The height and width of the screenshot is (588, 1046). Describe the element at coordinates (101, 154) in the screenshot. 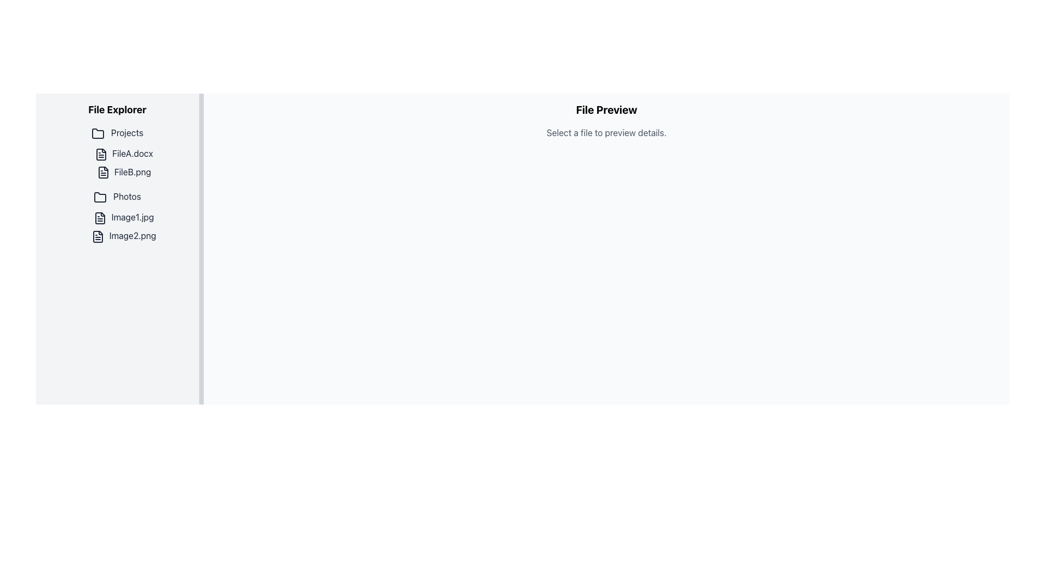

I see `the file icon representing 'FileA.docx', which is located in the left panel under 'File Explorer', as the first item in the list of file icon-text pairs` at that location.